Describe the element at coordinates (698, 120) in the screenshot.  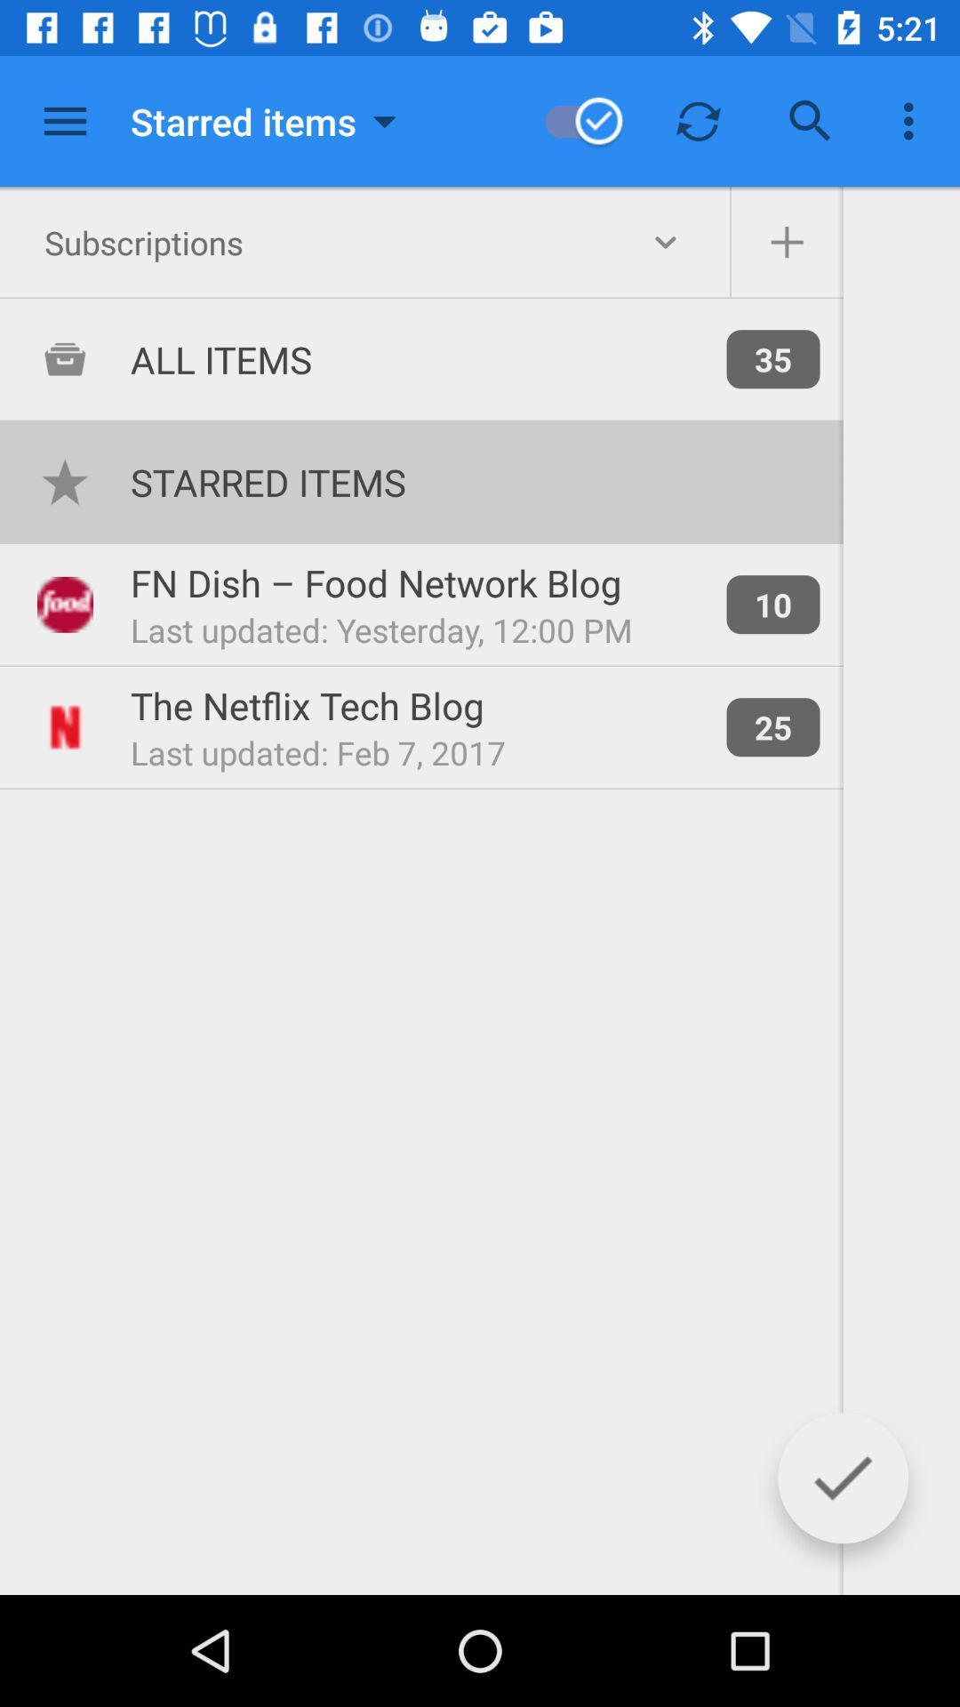
I see `refresh page` at that location.